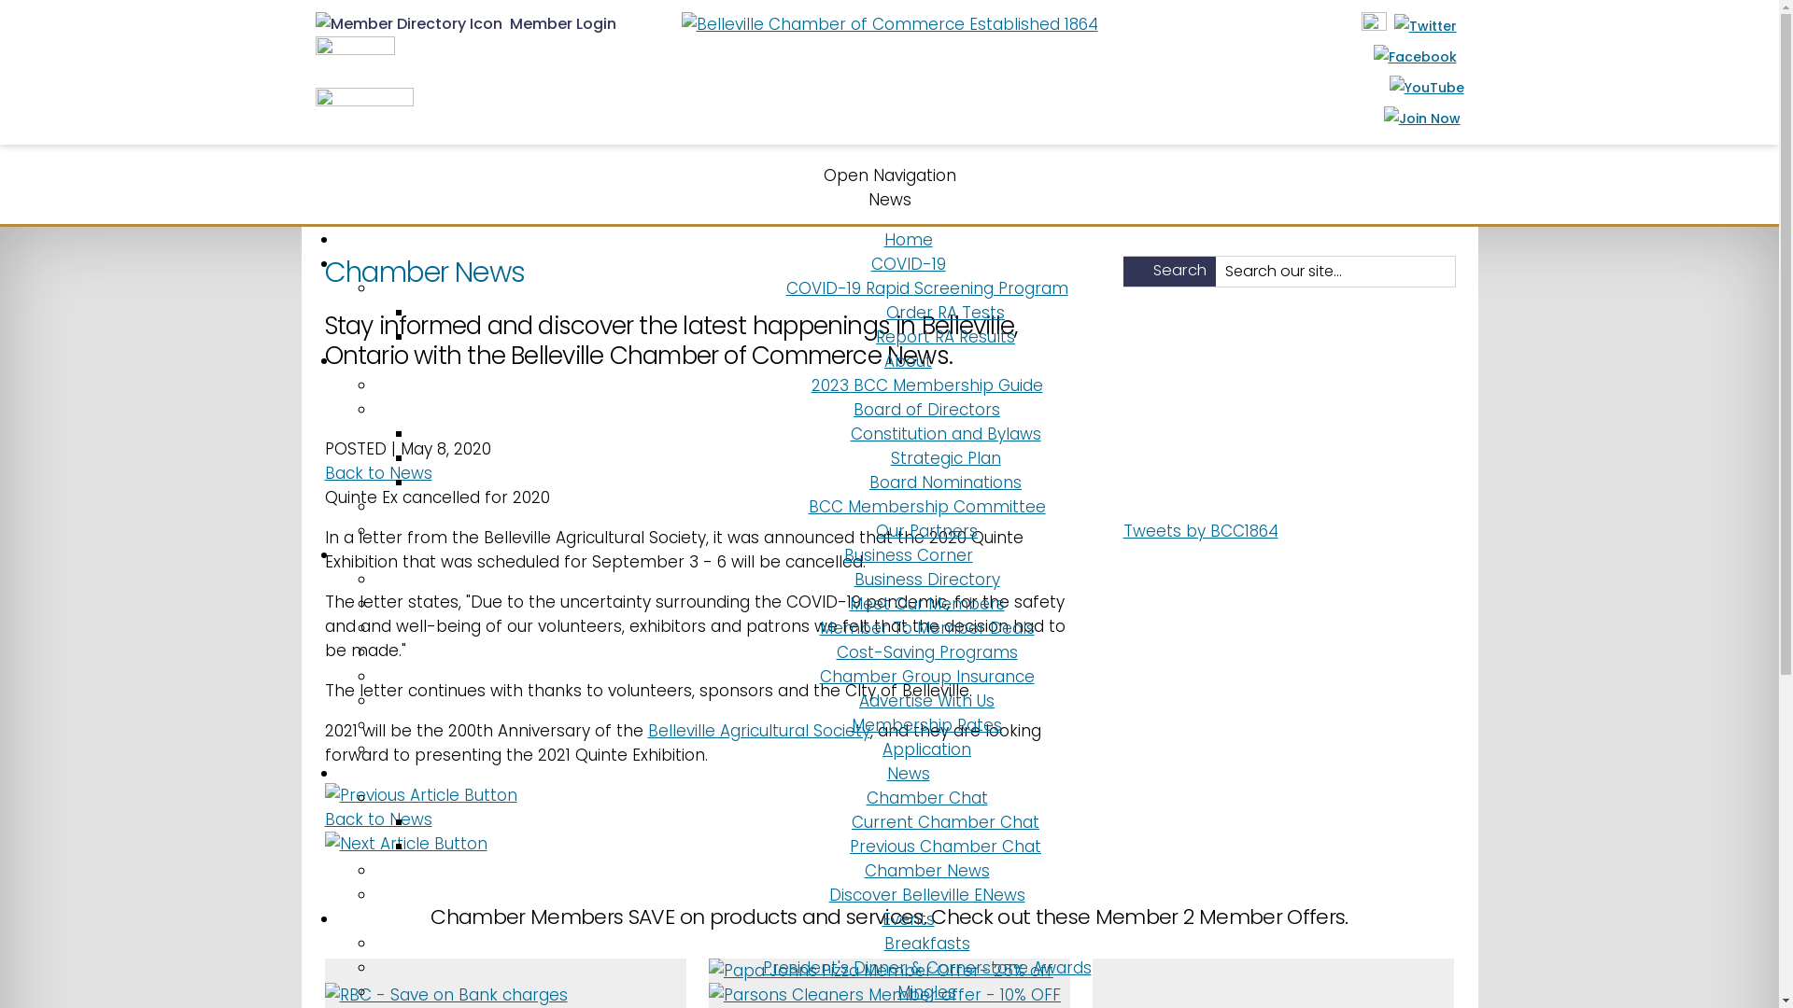  I want to click on 'Tweets by BCC1864', so click(1200, 531).